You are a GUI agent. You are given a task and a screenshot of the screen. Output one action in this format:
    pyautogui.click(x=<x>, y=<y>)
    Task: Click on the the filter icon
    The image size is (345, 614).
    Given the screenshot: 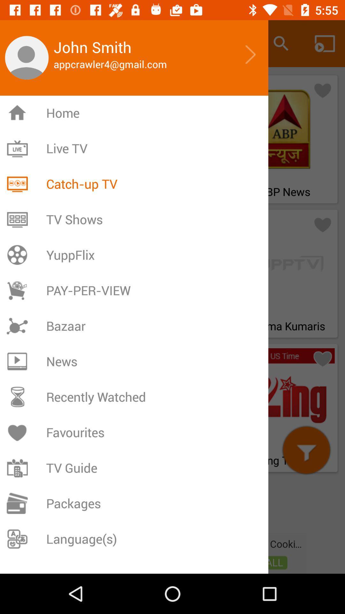 What is the action you would take?
    pyautogui.click(x=306, y=450)
    